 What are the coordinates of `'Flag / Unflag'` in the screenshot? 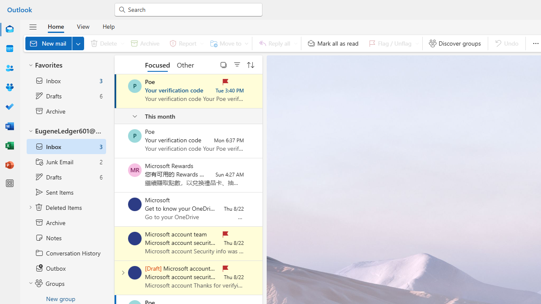 It's located at (391, 43).